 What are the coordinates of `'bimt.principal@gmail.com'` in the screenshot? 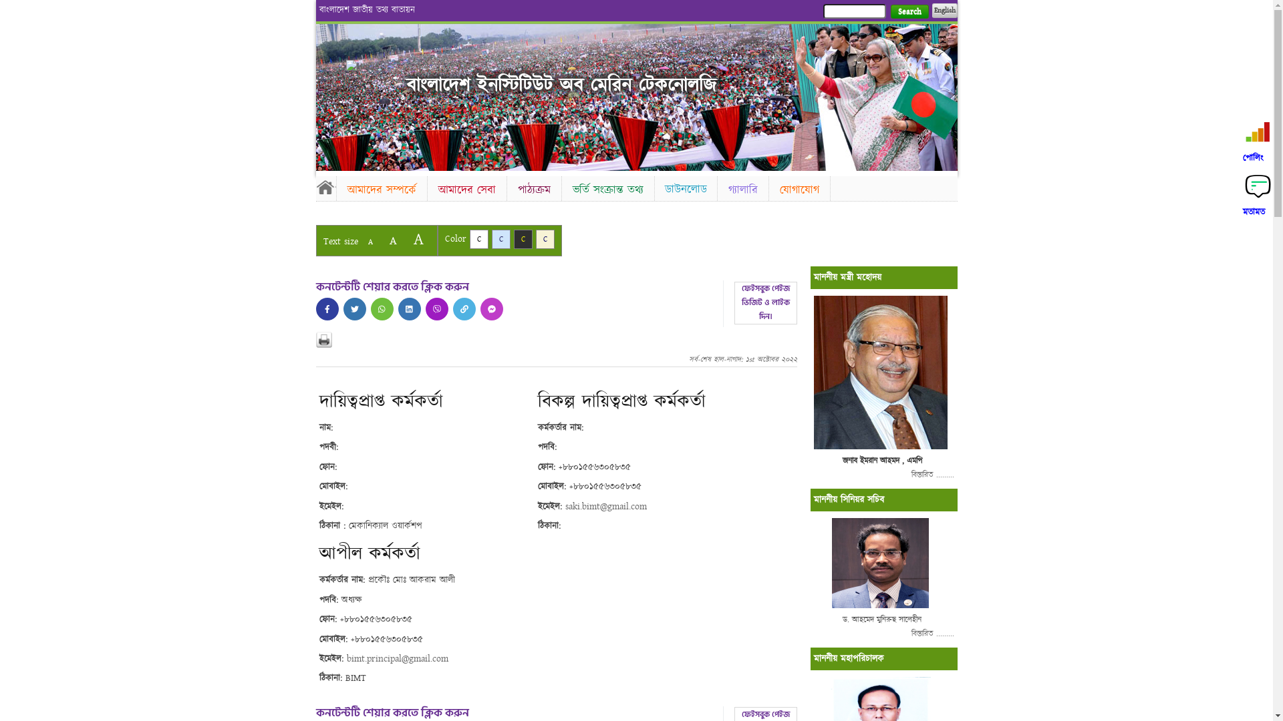 It's located at (396, 658).